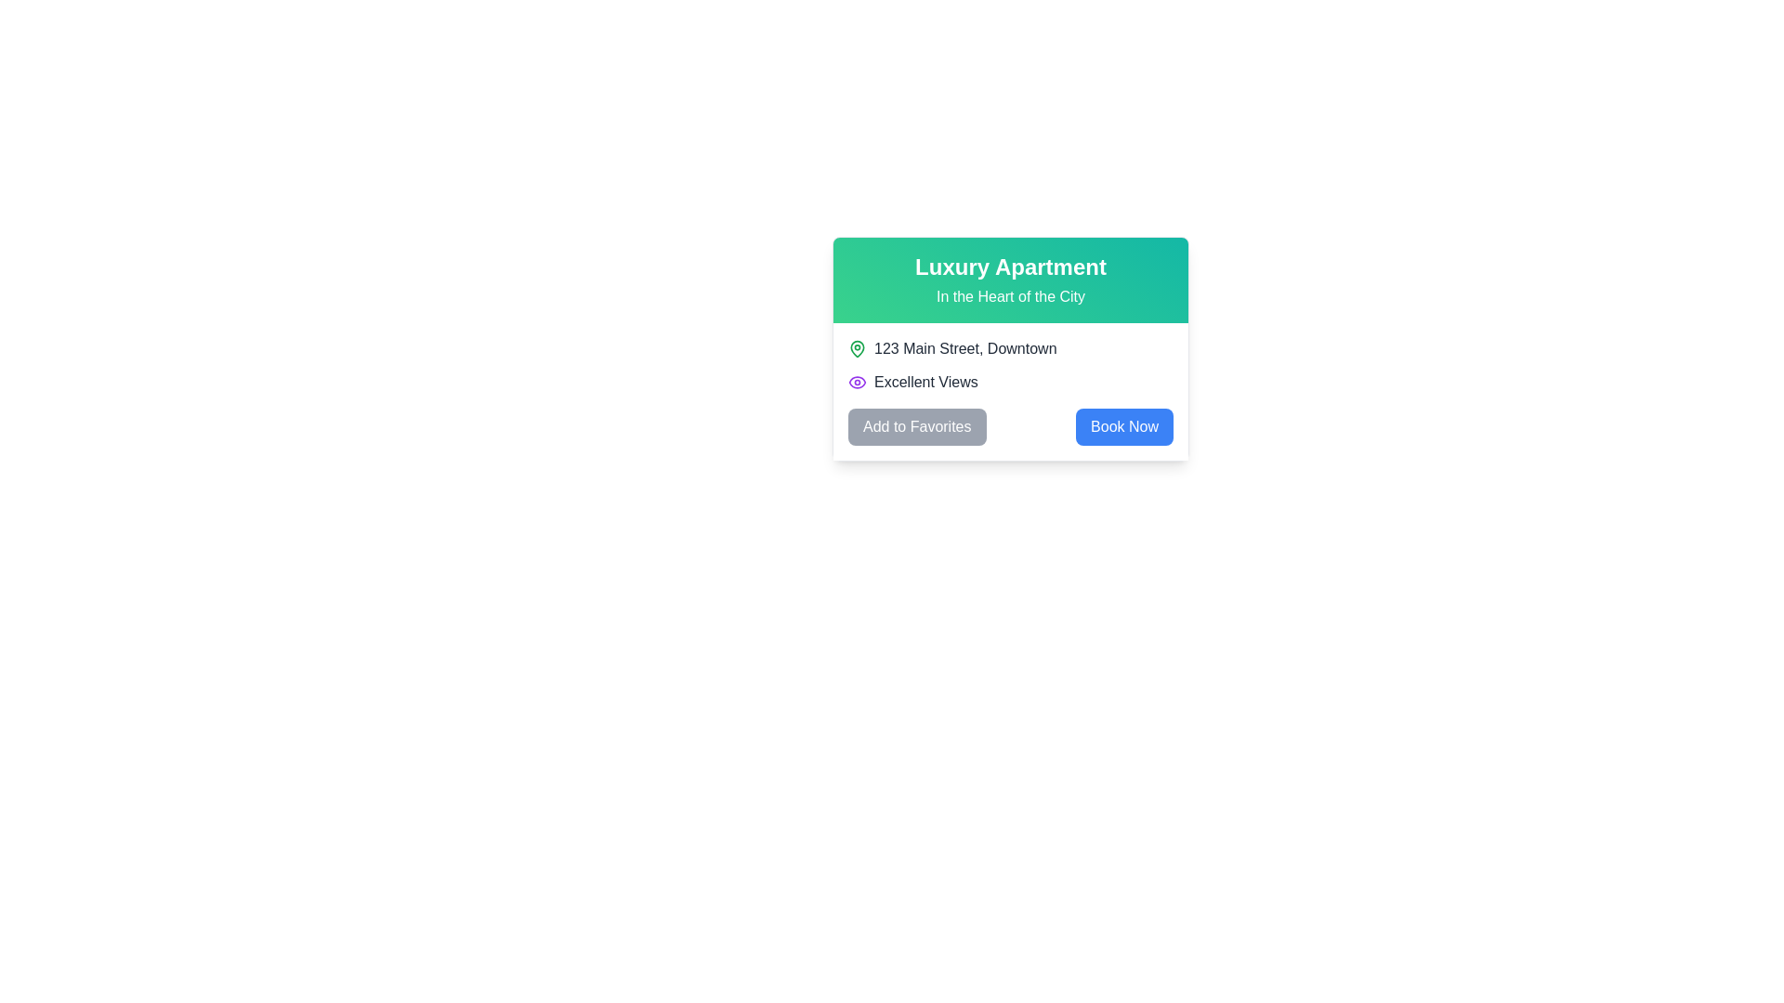 The height and width of the screenshot is (1003, 1784). I want to click on text displayed next to the green map pin icon, which shows the address '123 Main Street, Downtown', so click(1010, 348).